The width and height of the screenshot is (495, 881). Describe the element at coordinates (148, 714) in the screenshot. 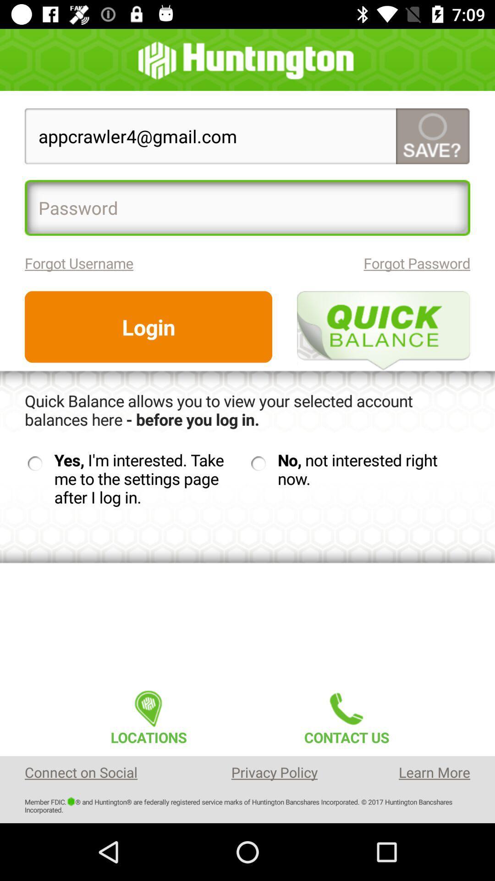

I see `the item to the left of contact us item` at that location.